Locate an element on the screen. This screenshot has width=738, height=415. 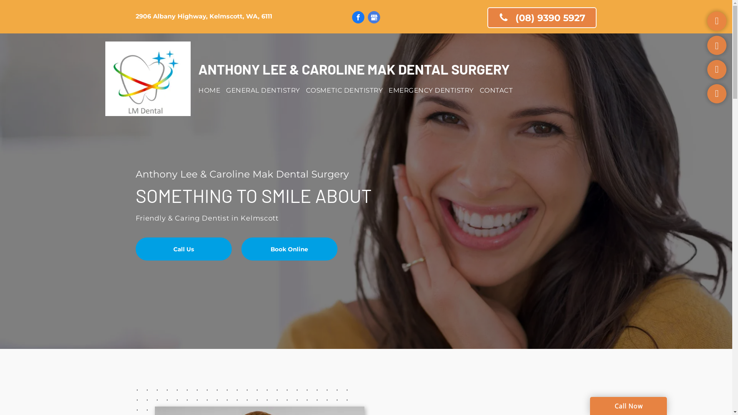
'CONTACT' is located at coordinates (499, 90).